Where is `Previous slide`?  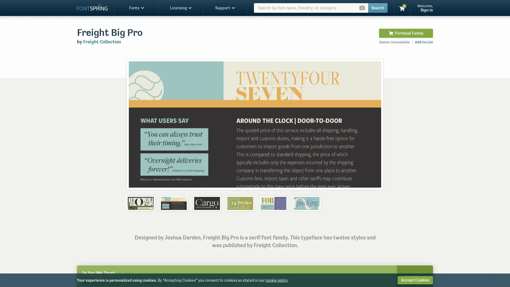
Previous slide is located at coordinates (136, 124).